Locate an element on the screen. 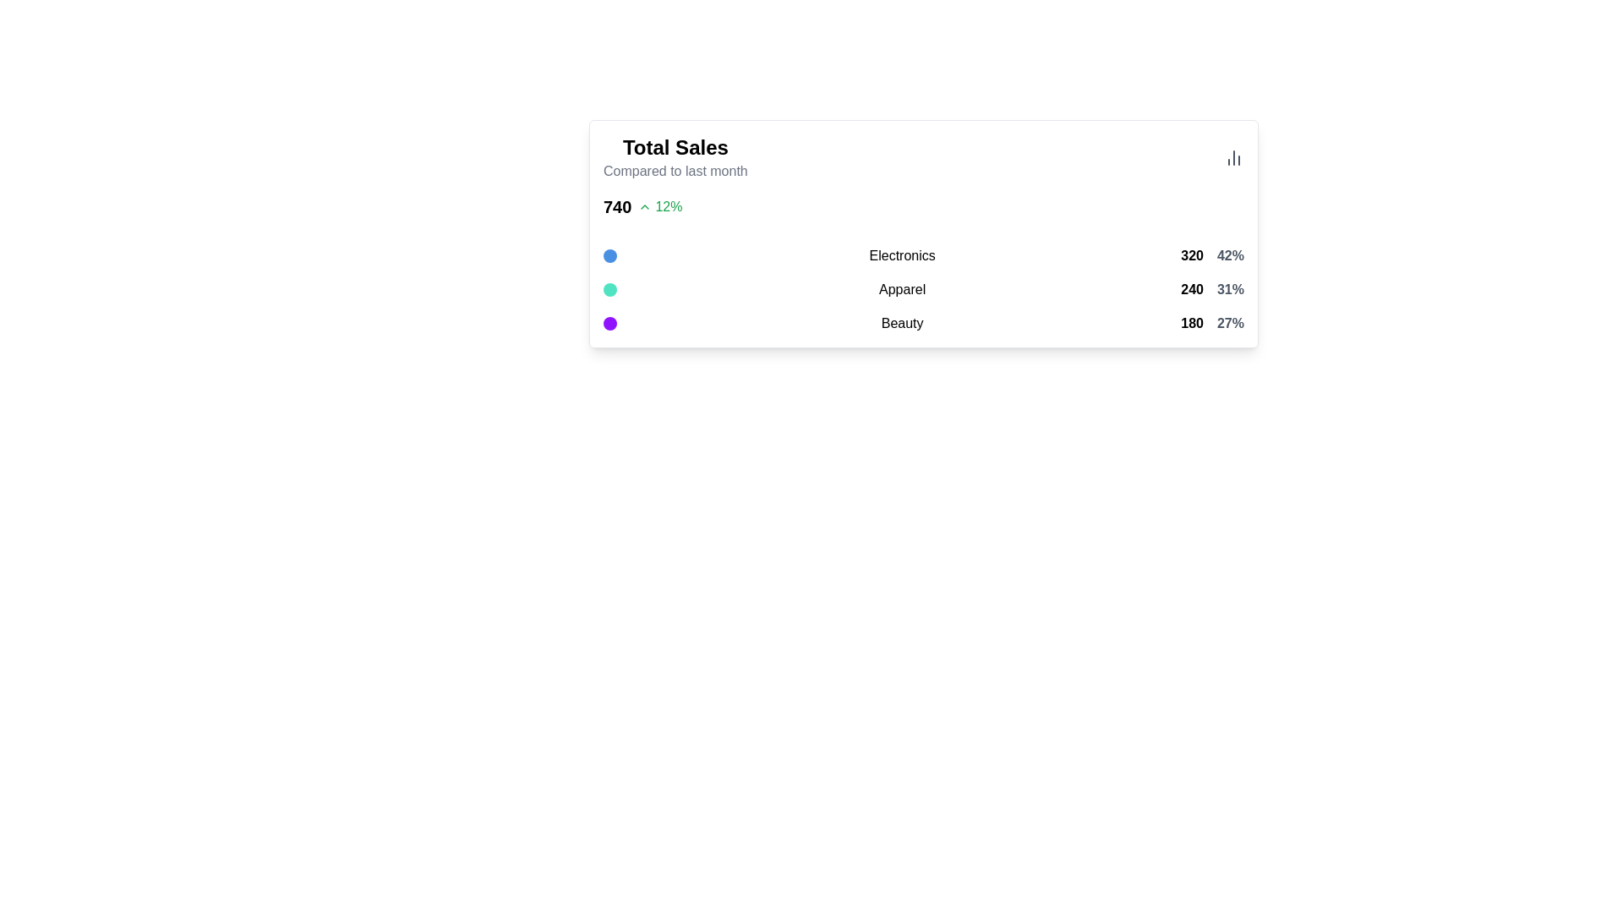 The width and height of the screenshot is (1623, 913). the upward-pointing chevron icon located to the left of the '12%' percentage text in the Total Sales card, if the functionality is available is located at coordinates (644, 206).